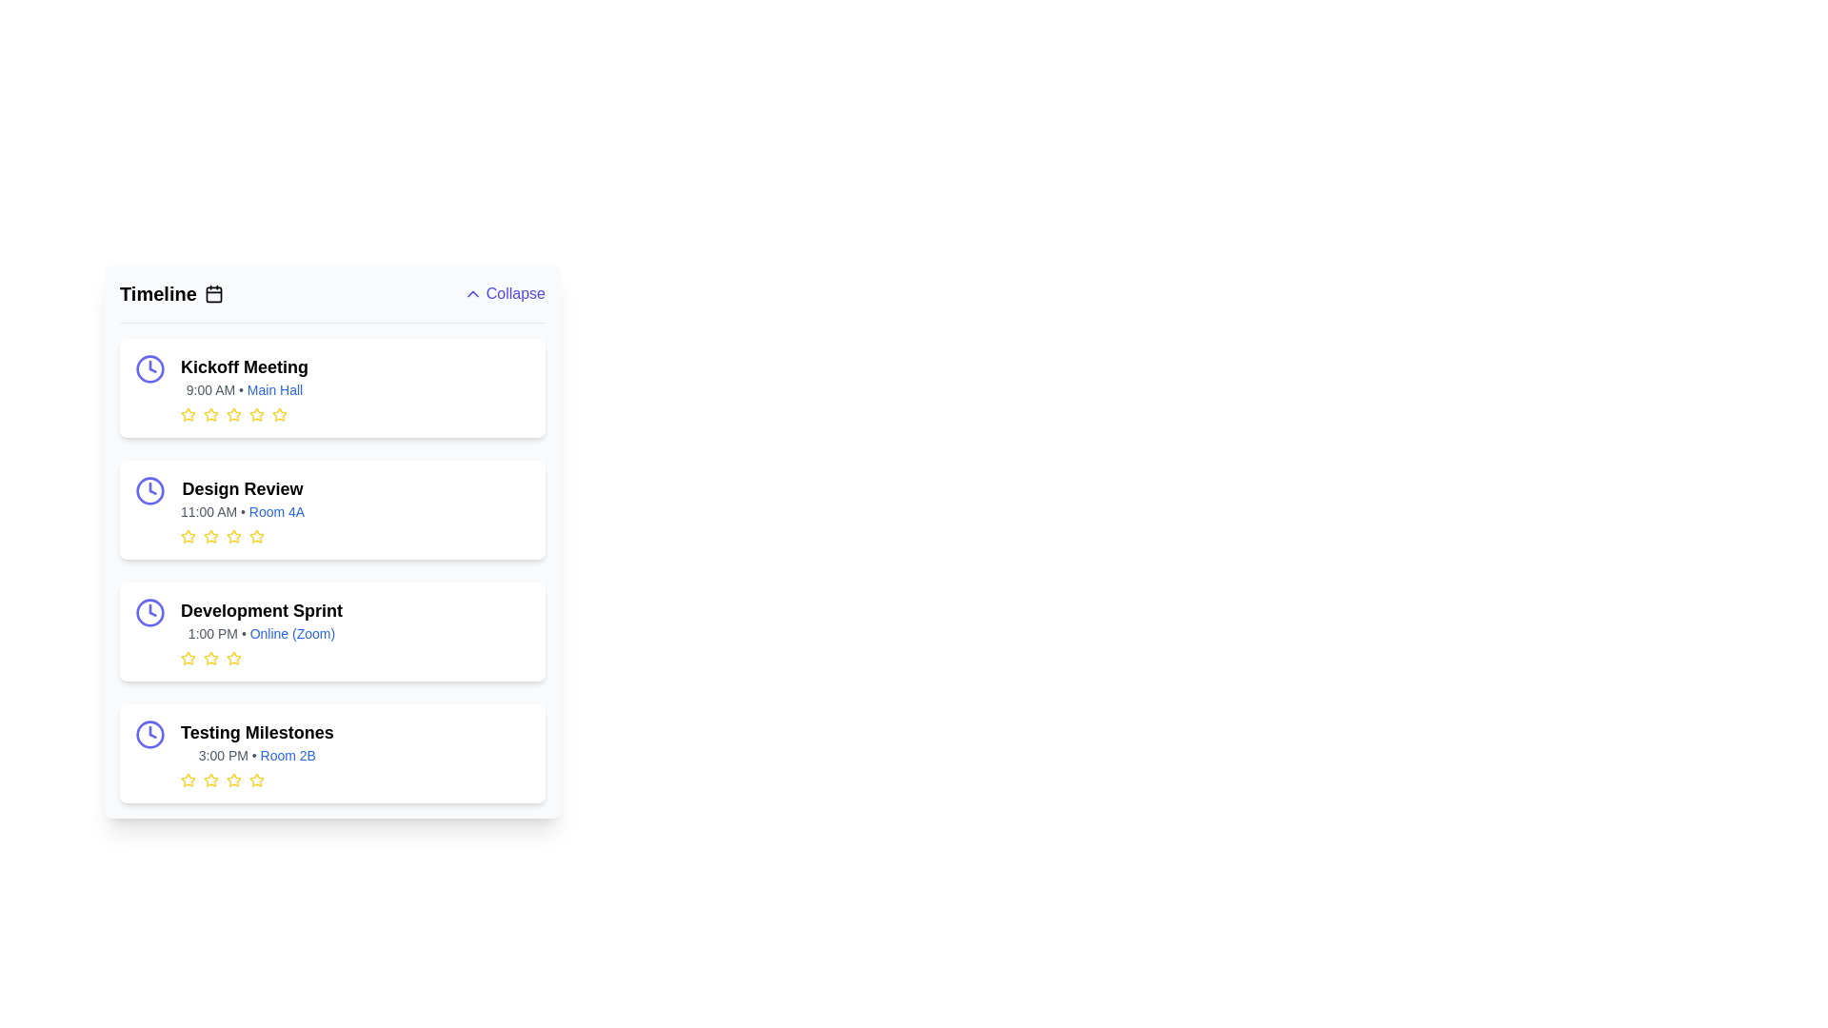 The width and height of the screenshot is (1828, 1028). Describe the element at coordinates (255, 413) in the screenshot. I see `the 5th star in the visual rating system below the 'Kickoff Meeting' text to rate it` at that location.